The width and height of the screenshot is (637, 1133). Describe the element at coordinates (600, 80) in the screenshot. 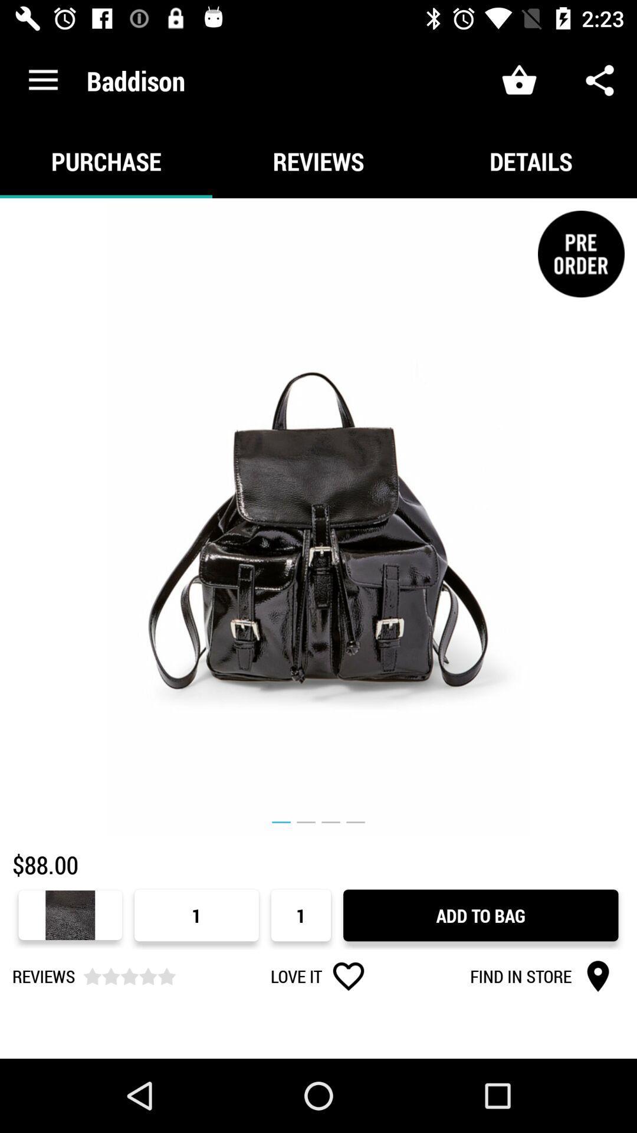

I see `the icon above details icon` at that location.